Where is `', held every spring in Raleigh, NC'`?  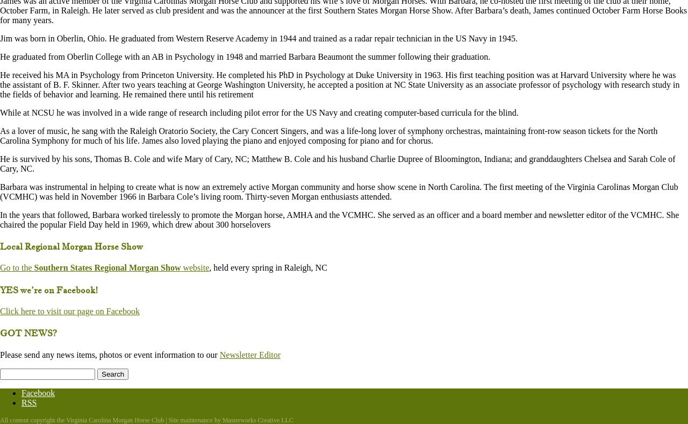 ', held every spring in Raleigh, NC' is located at coordinates (268, 267).